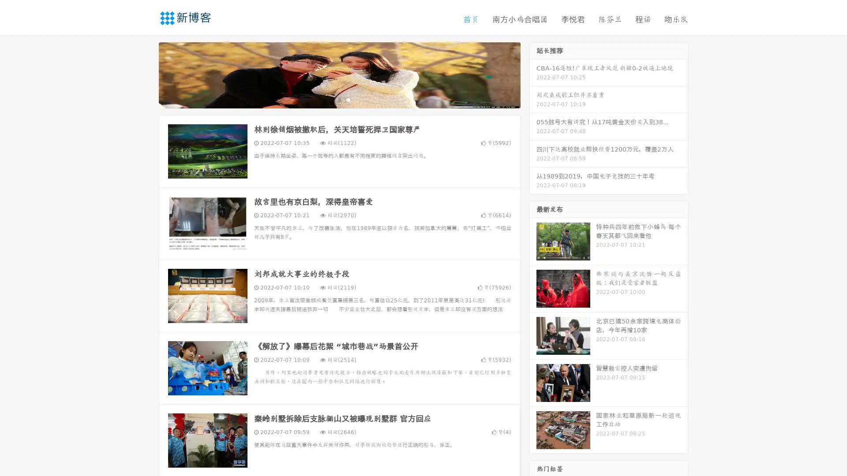 This screenshot has width=847, height=476. I want to click on Go to slide 1, so click(330, 99).